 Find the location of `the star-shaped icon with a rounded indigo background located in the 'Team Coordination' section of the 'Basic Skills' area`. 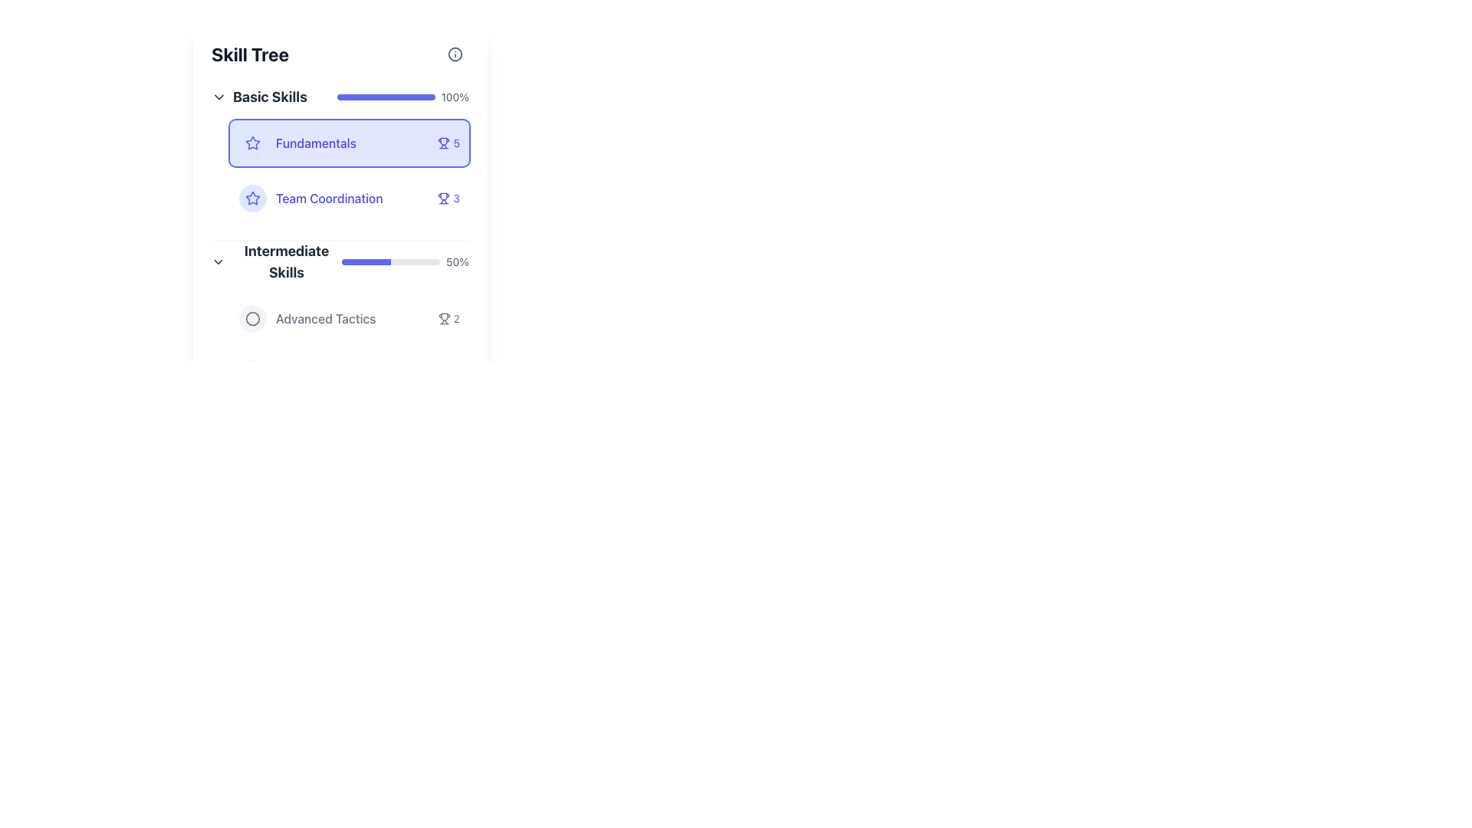

the star-shaped icon with a rounded indigo background located in the 'Team Coordination' section of the 'Basic Skills' area is located at coordinates (253, 197).